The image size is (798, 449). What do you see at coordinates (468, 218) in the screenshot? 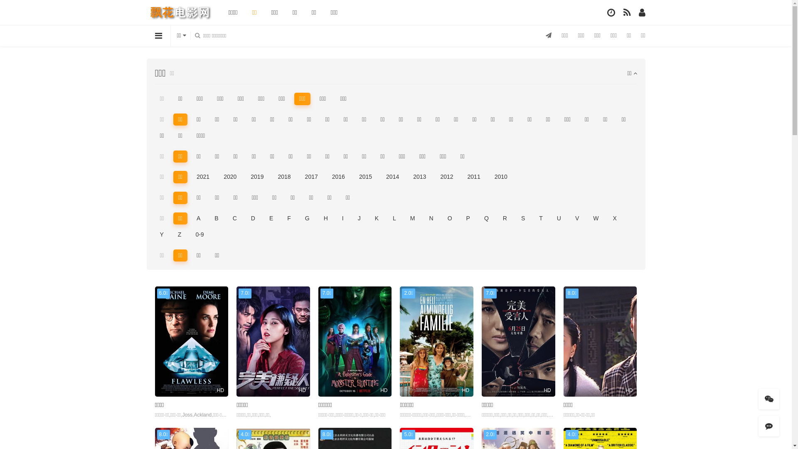
I see `'P'` at bounding box center [468, 218].